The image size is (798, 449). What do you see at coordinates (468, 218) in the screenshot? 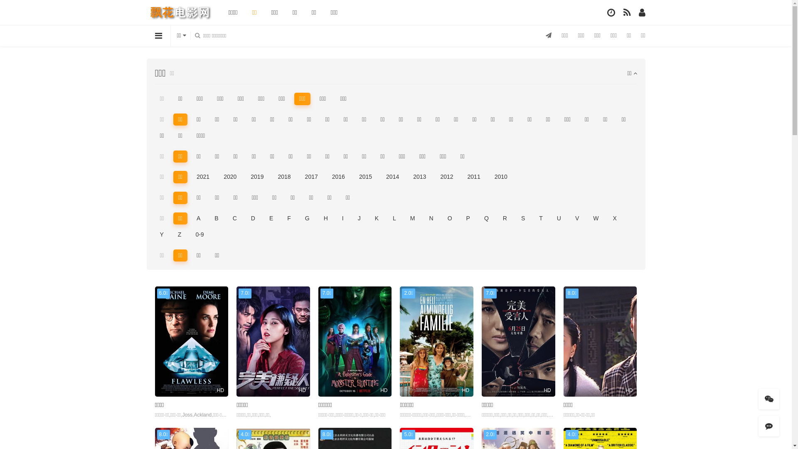
I see `'P'` at bounding box center [468, 218].